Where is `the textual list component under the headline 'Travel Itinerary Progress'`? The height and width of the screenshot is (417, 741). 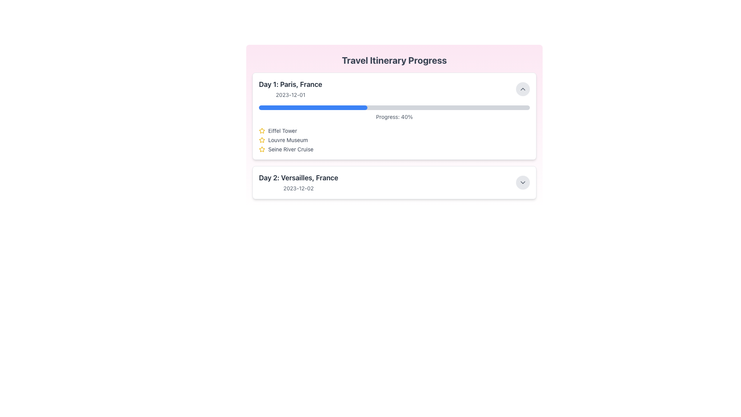 the textual list component under the headline 'Travel Itinerary Progress' is located at coordinates (394, 140).